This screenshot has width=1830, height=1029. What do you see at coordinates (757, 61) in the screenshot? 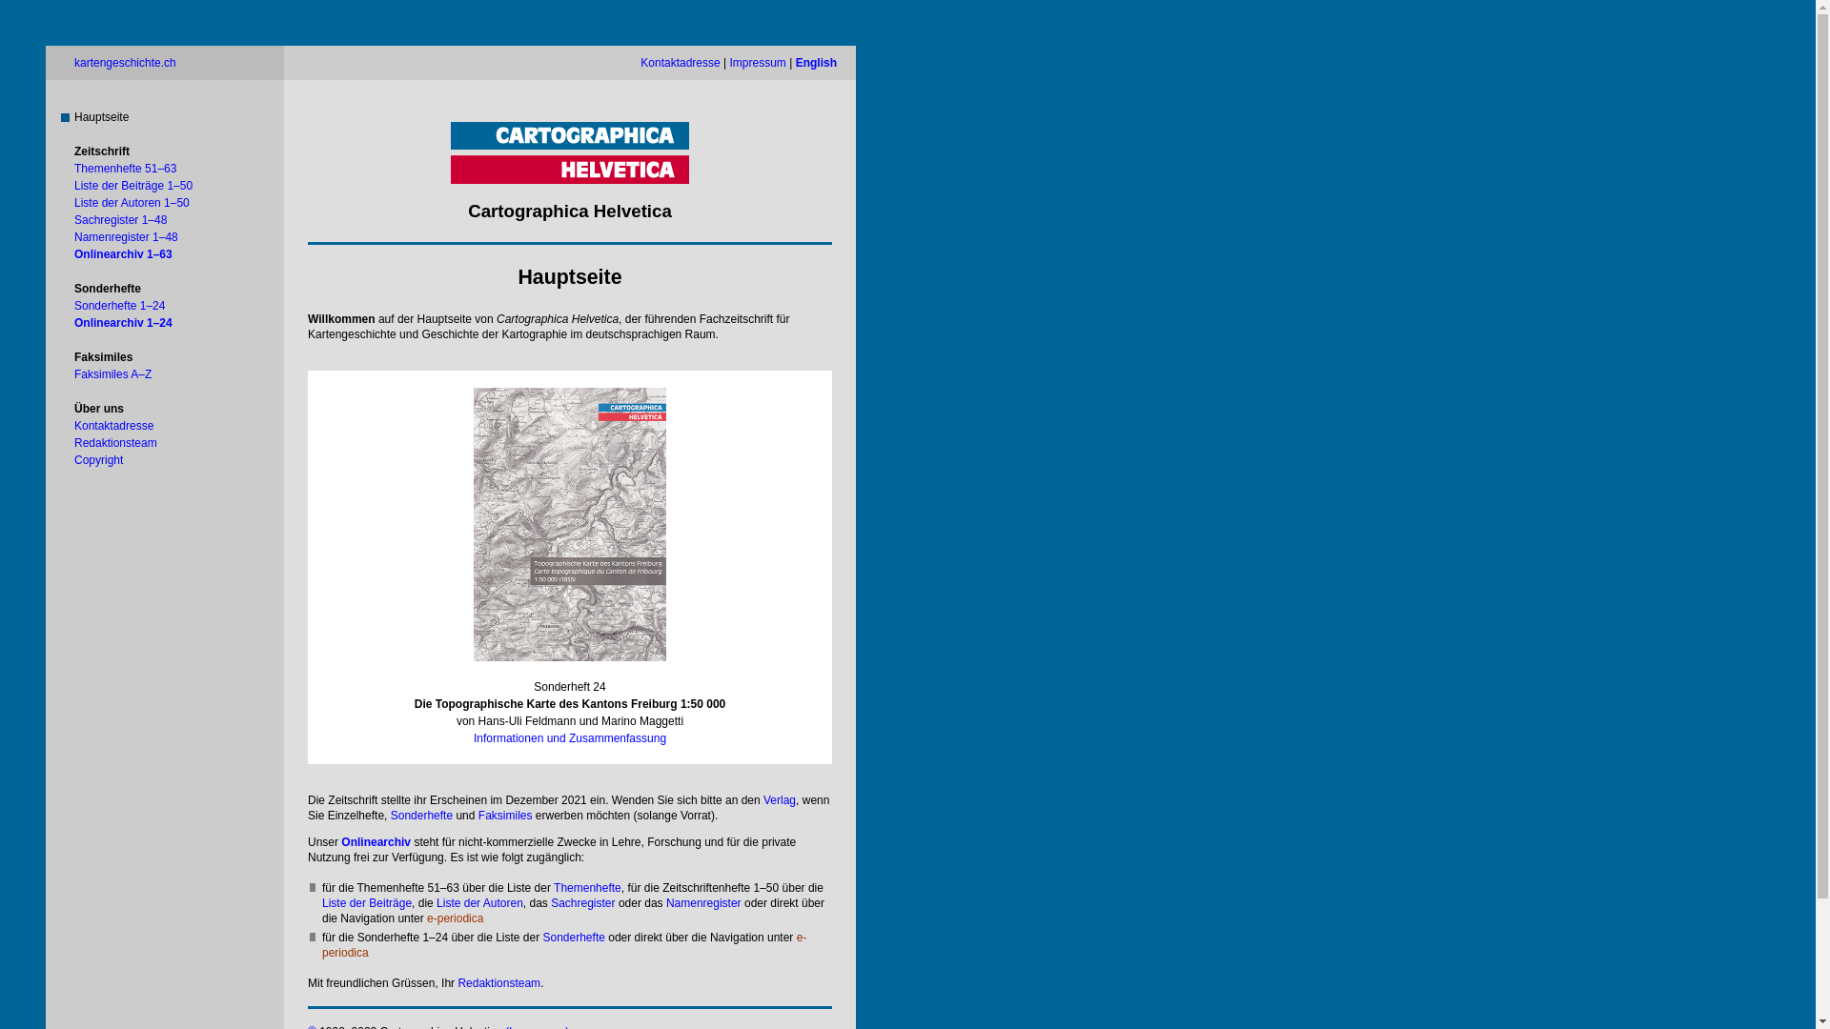
I see `'Impressum'` at bounding box center [757, 61].